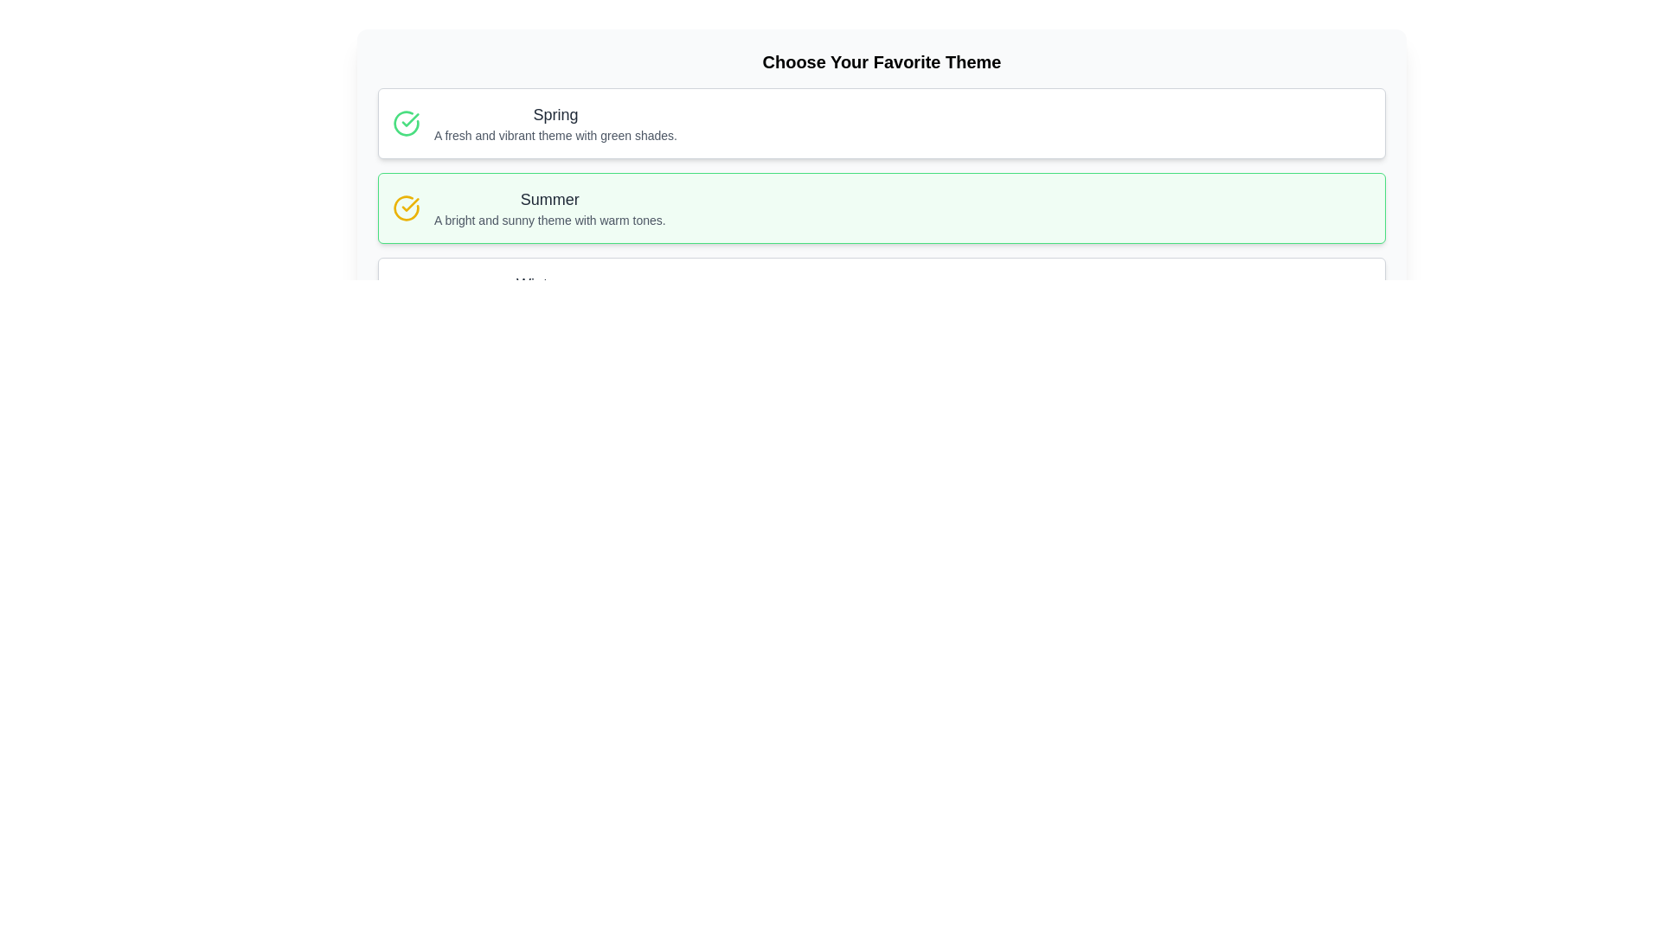  Describe the element at coordinates (882, 61) in the screenshot. I see `descriptive header text located at the top of the theme selection interface` at that location.